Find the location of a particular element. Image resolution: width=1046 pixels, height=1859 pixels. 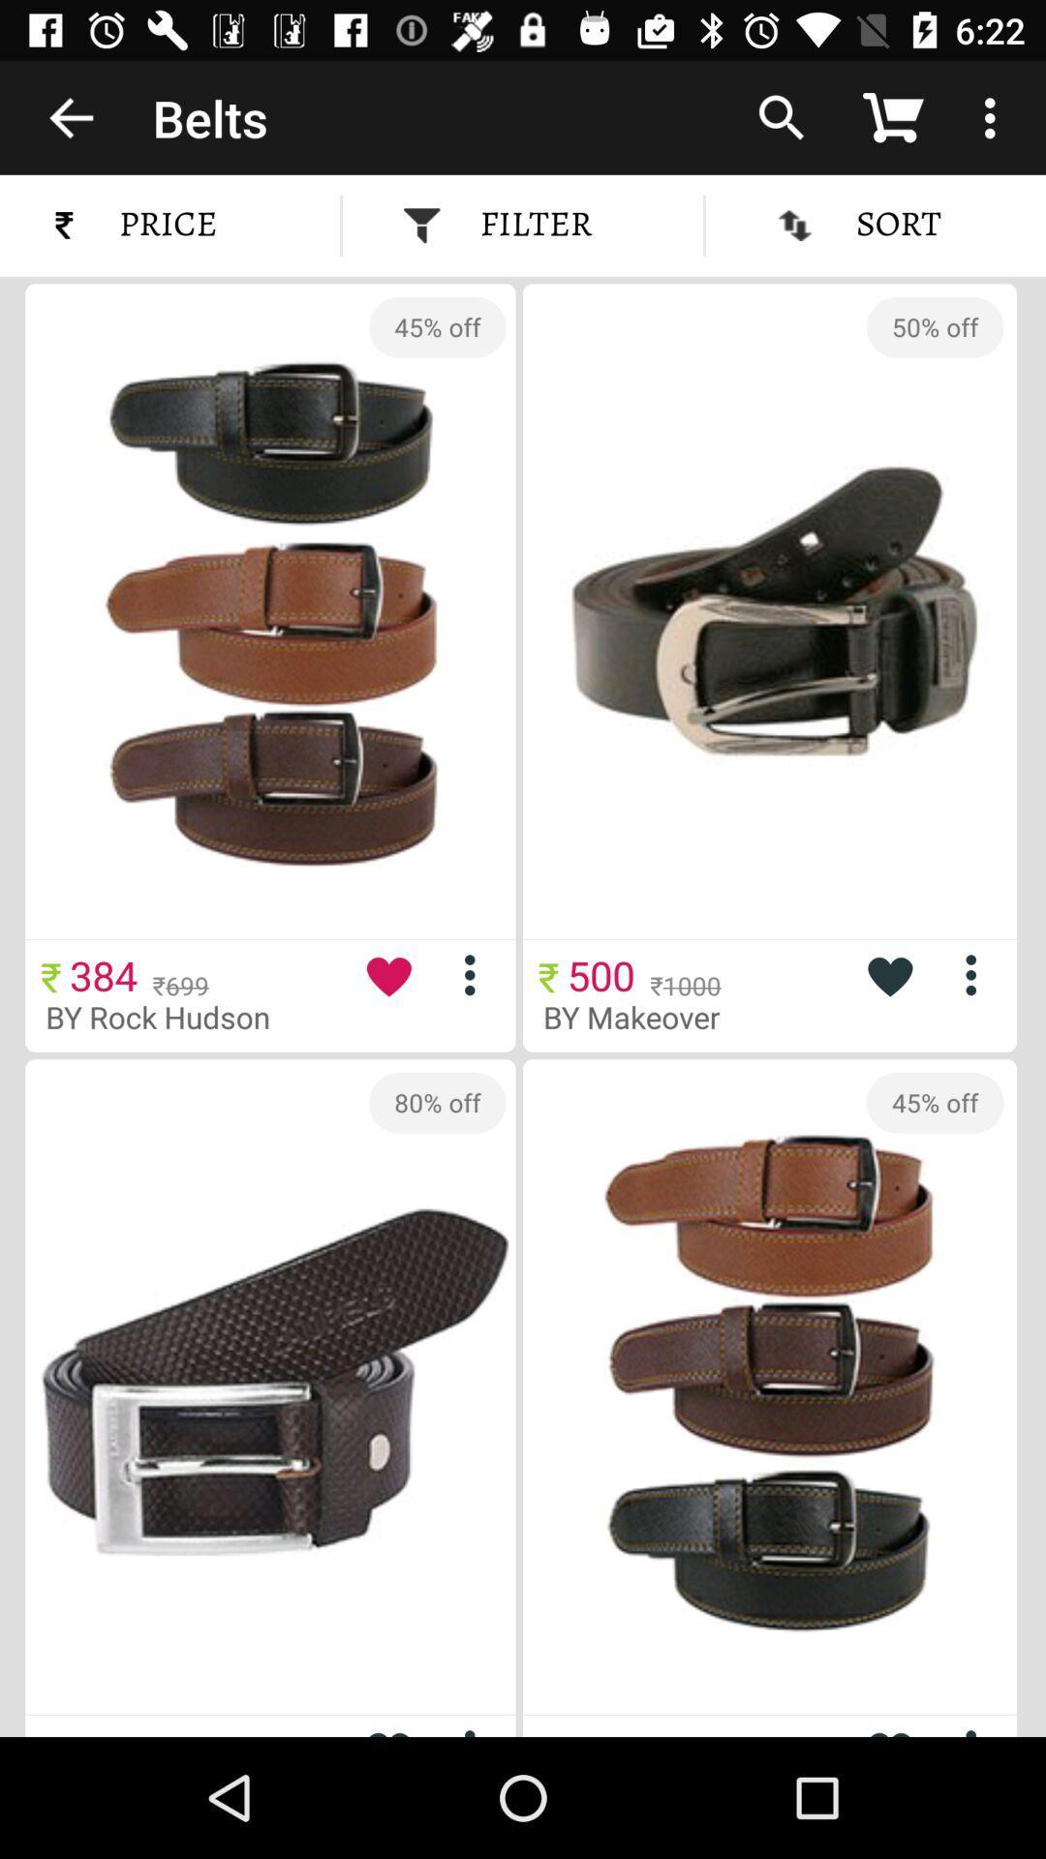

favorite is located at coordinates (388, 1725).